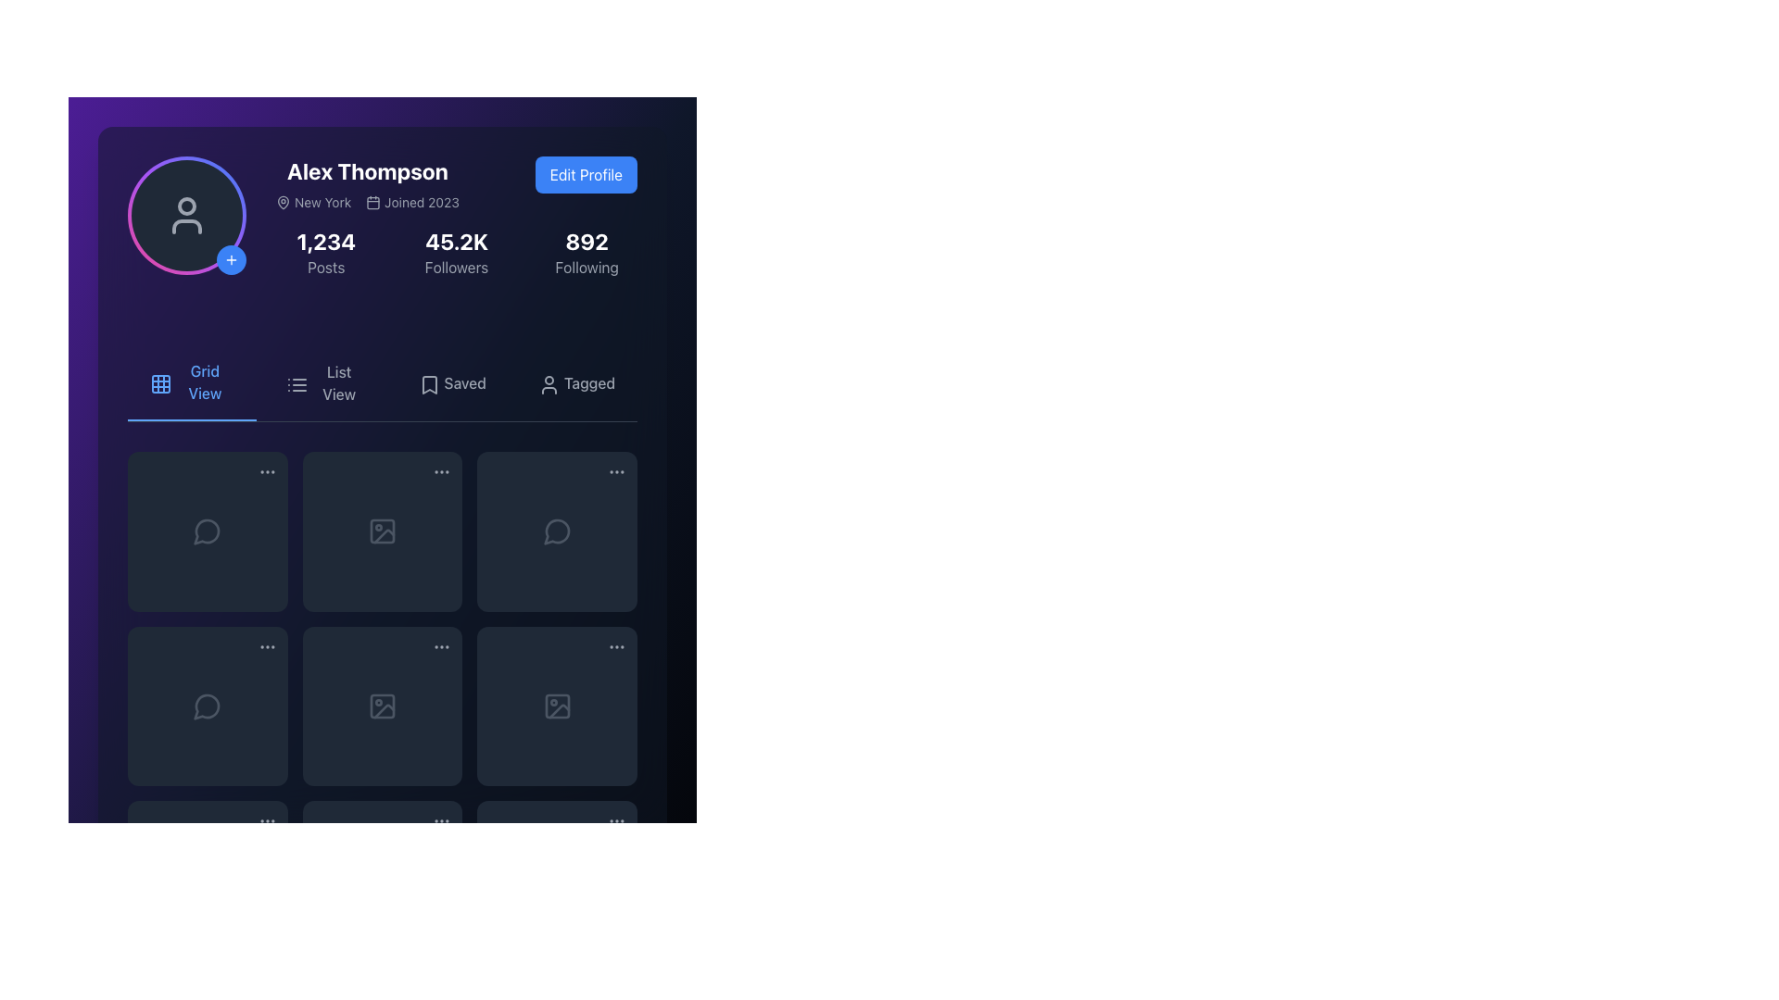  I want to click on the information represented by the calendar icon indicating 'Joined 2023' located to the left of the corresponding text in the user profile section, so click(372, 203).